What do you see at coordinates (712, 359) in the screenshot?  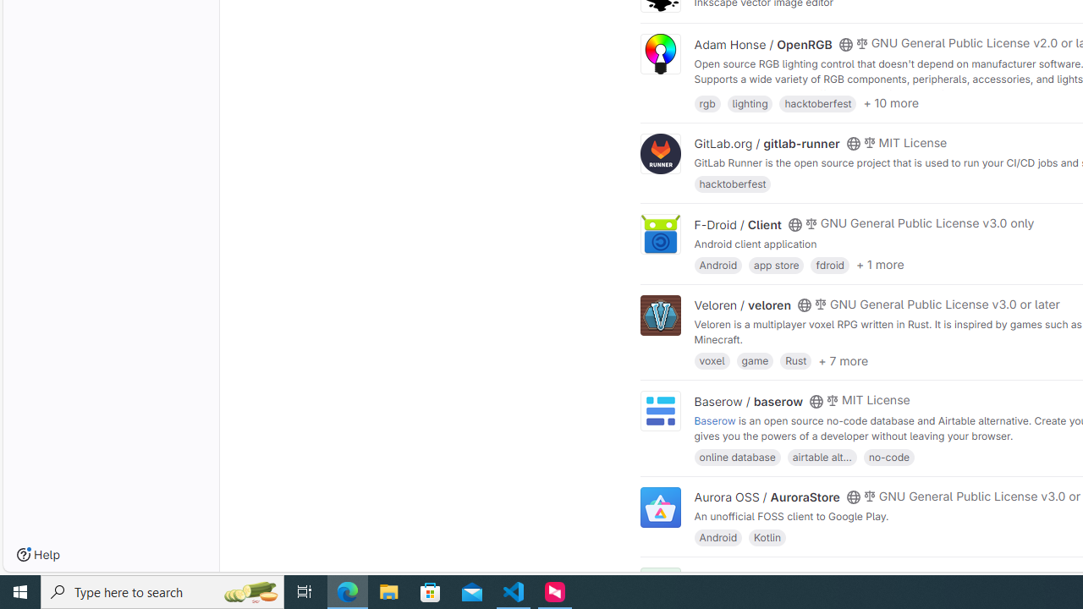 I see `'voxel'` at bounding box center [712, 359].